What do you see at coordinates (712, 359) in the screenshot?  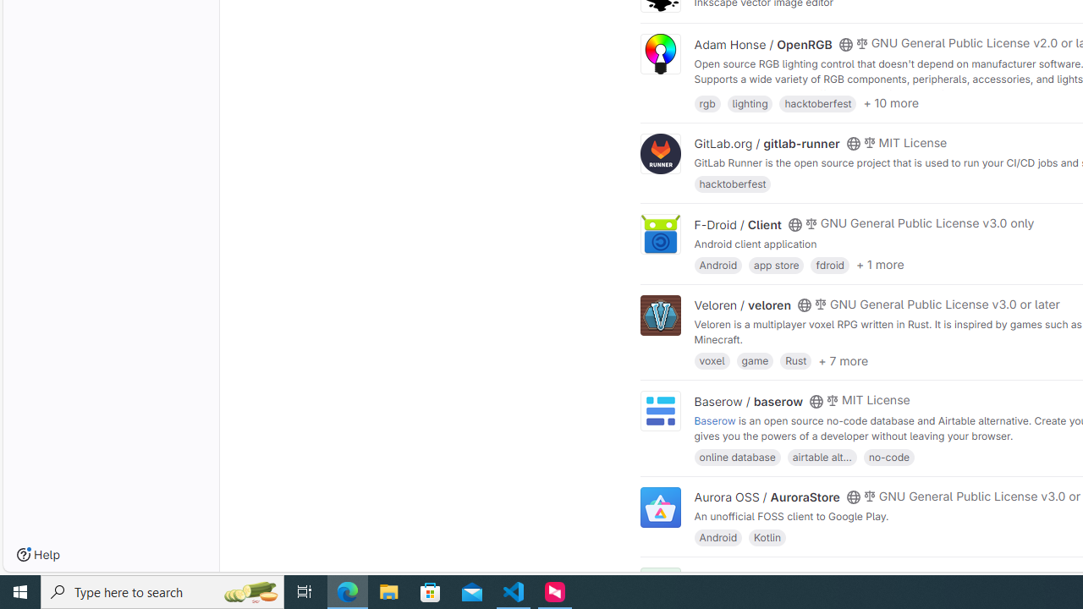 I see `'voxel'` at bounding box center [712, 359].